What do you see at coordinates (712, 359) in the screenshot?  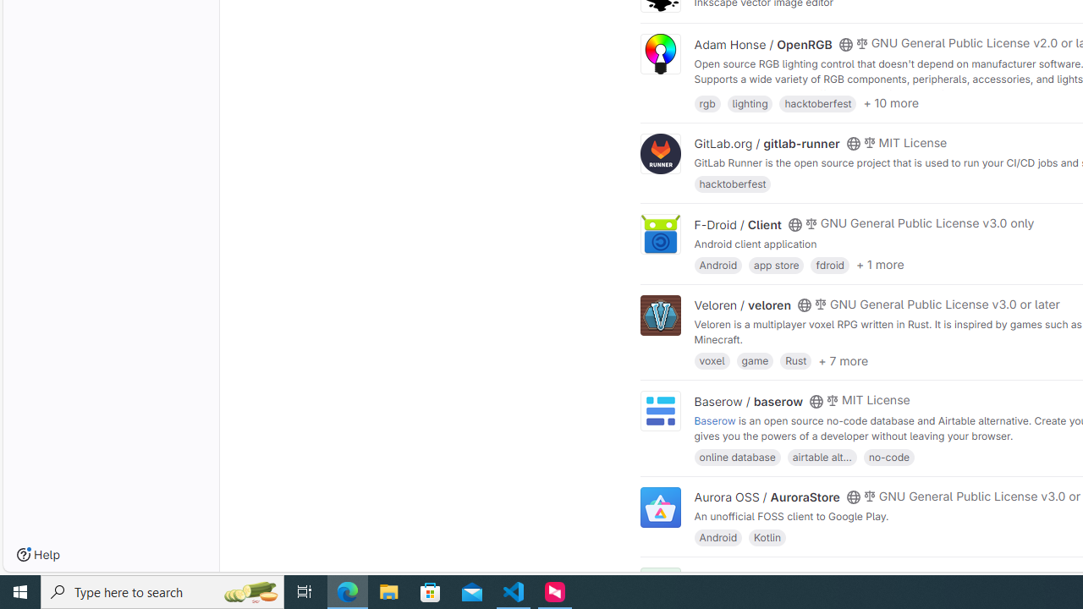 I see `'voxel'` at bounding box center [712, 359].